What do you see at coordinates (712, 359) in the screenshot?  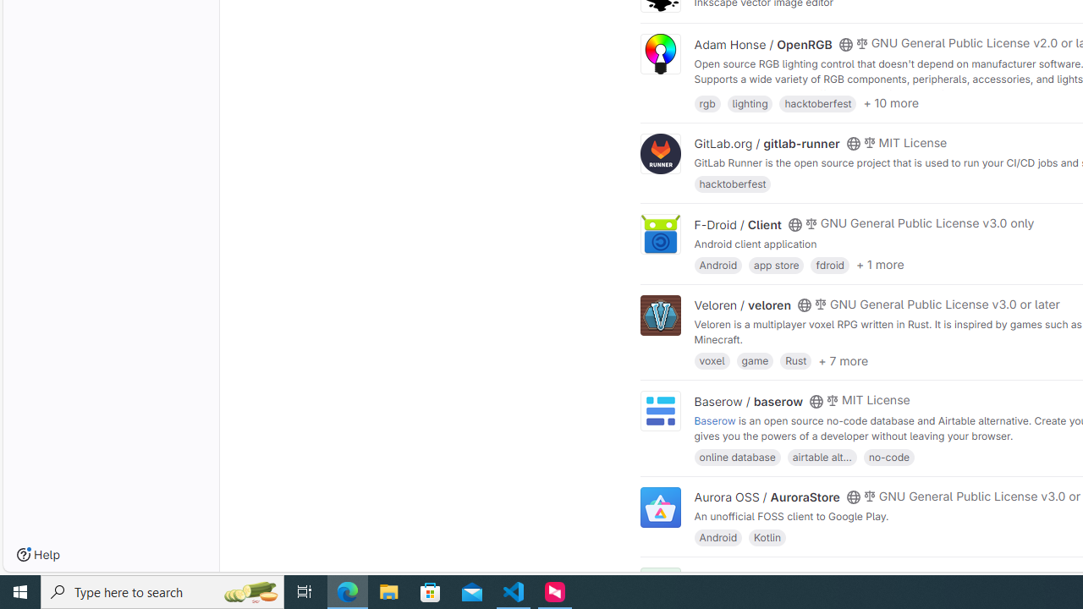 I see `'voxel'` at bounding box center [712, 359].